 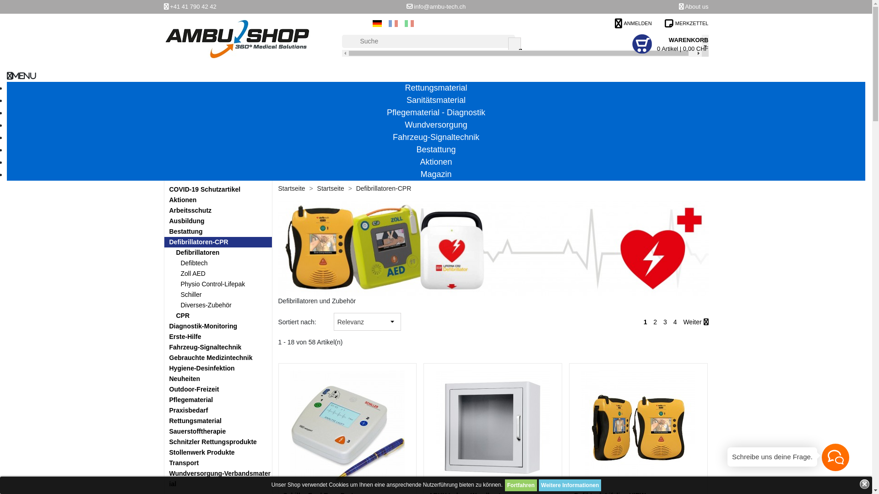 What do you see at coordinates (217, 336) in the screenshot?
I see `'Erste-Hilfe'` at bounding box center [217, 336].